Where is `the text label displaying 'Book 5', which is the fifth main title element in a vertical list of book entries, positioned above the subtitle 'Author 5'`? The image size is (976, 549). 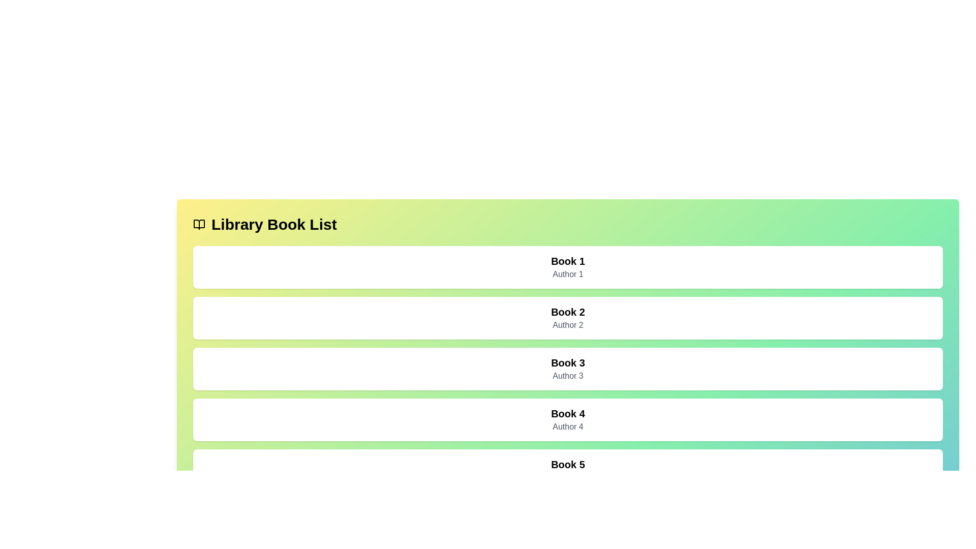
the text label displaying 'Book 5', which is the fifth main title element in a vertical list of book entries, positioned above the subtitle 'Author 5' is located at coordinates (567, 465).